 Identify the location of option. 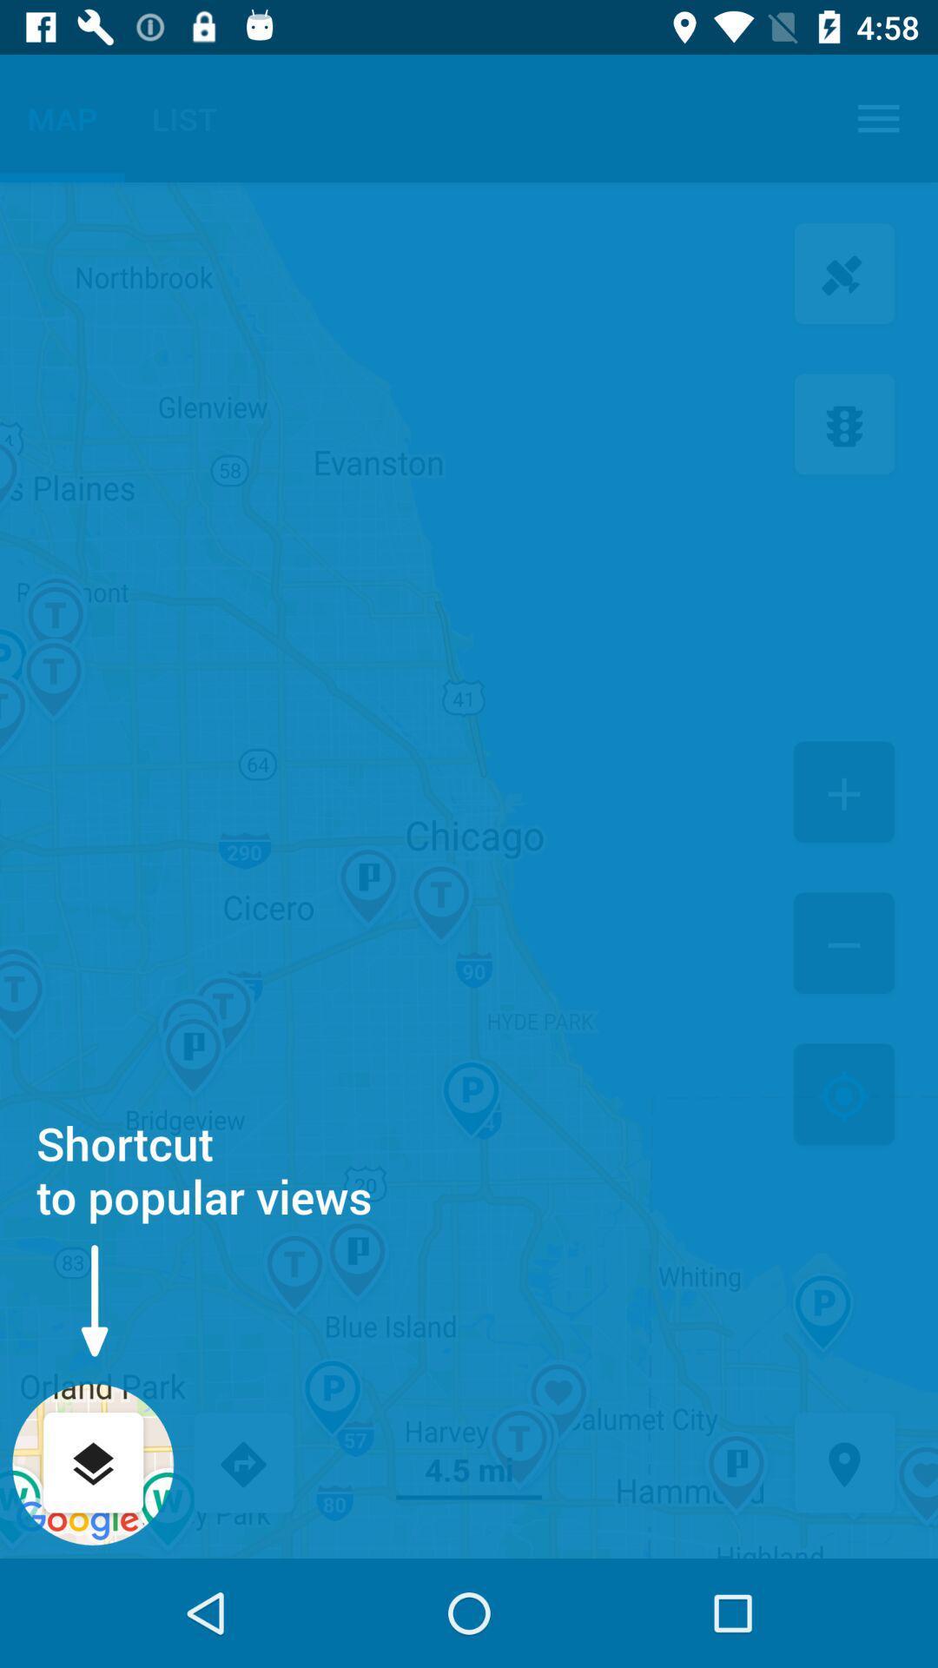
(843, 793).